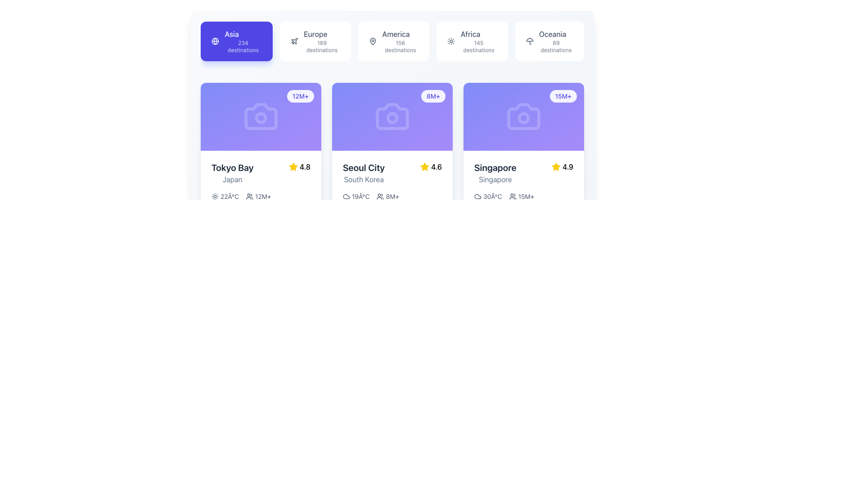 The width and height of the screenshot is (864, 486). Describe the element at coordinates (562, 166) in the screenshot. I see `the rating display element for the 'Singapore' entry, located at the bottom right corner of its card, just below the title` at that location.